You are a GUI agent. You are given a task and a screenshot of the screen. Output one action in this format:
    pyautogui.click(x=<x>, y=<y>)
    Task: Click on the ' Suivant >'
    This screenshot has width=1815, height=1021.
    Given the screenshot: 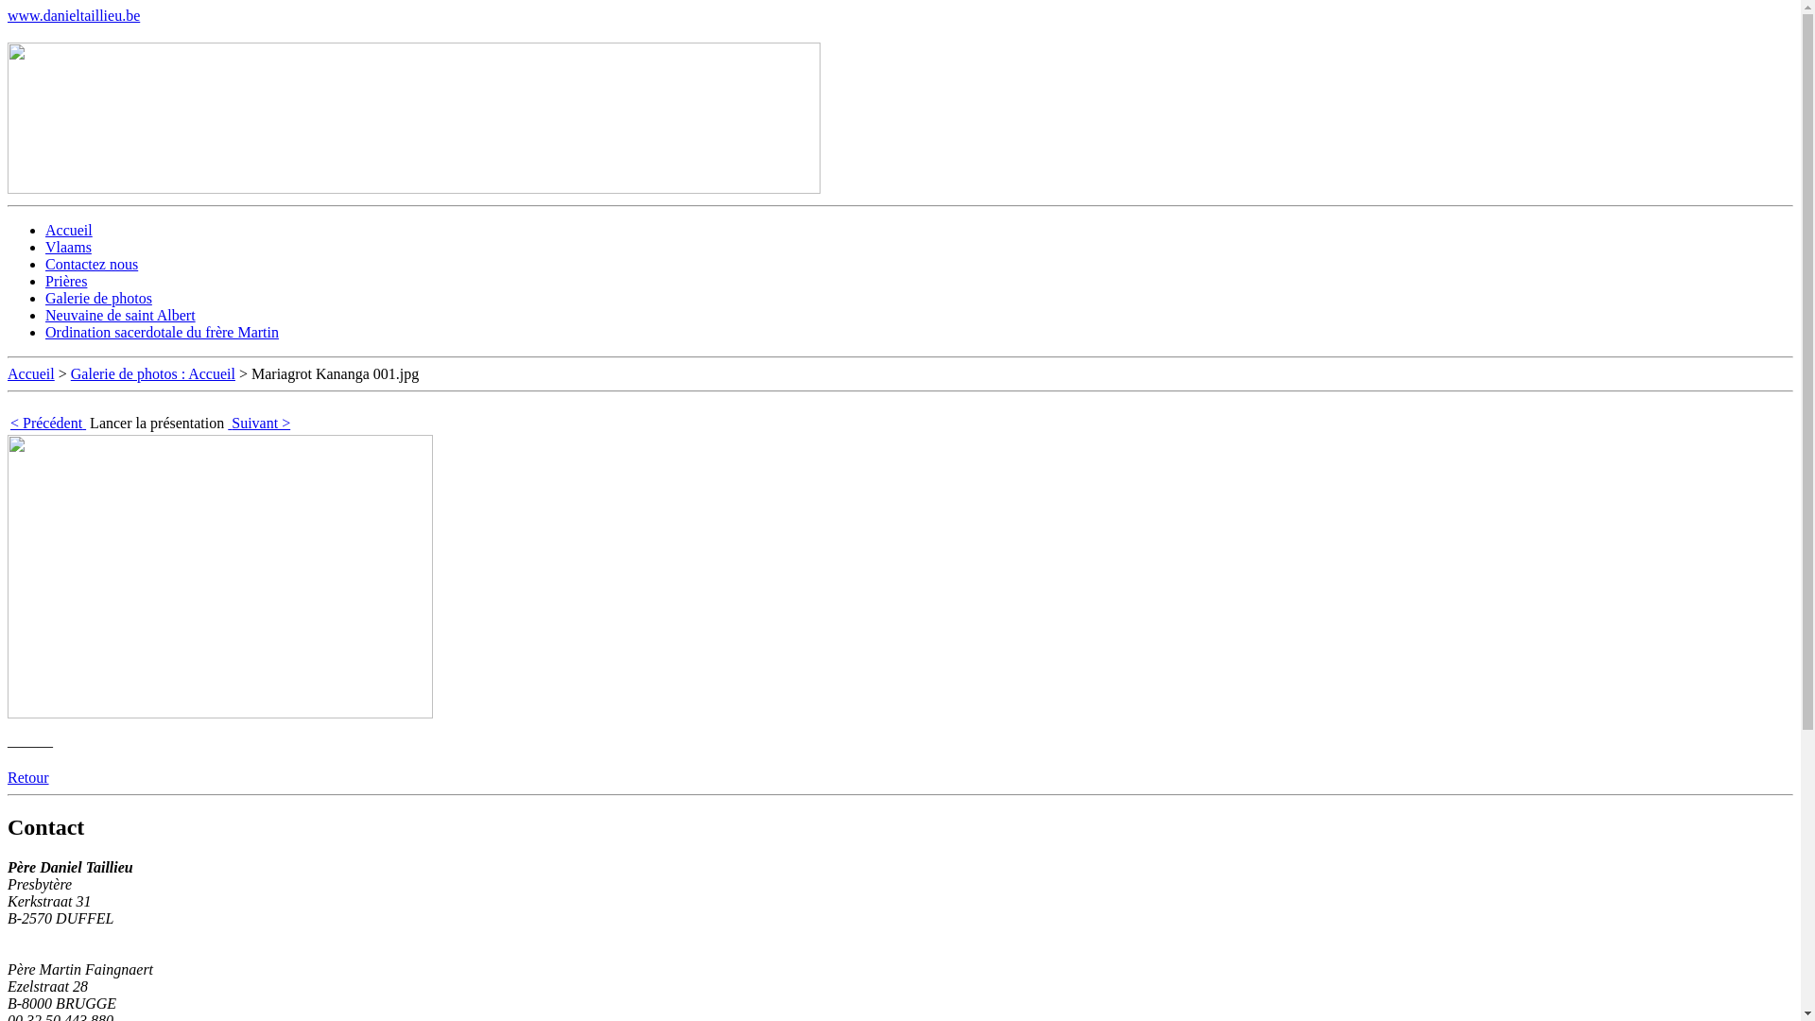 What is the action you would take?
    pyautogui.click(x=257, y=422)
    